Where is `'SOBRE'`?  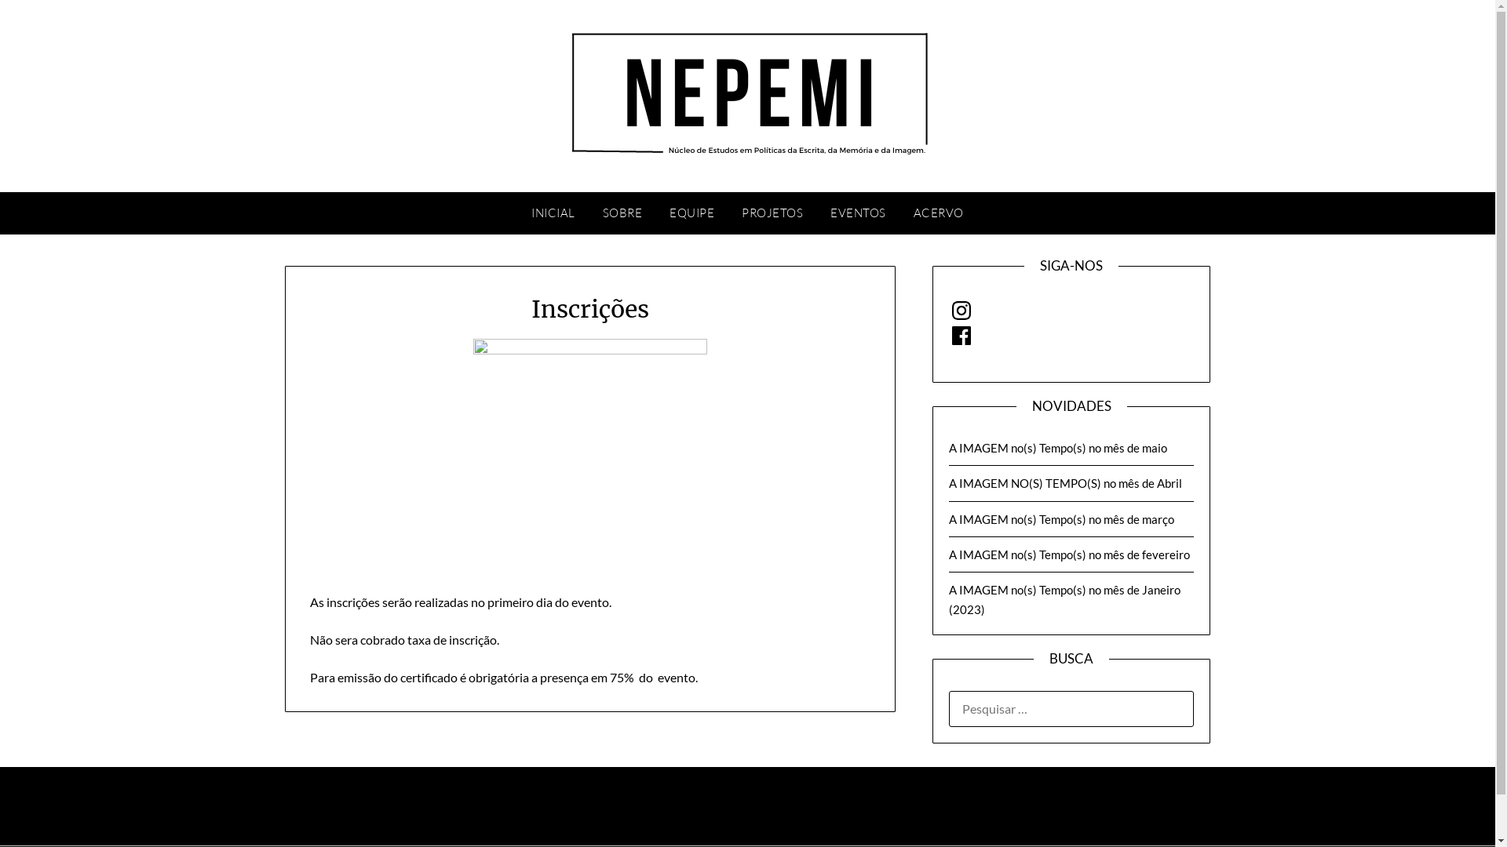
'SOBRE' is located at coordinates (622, 213).